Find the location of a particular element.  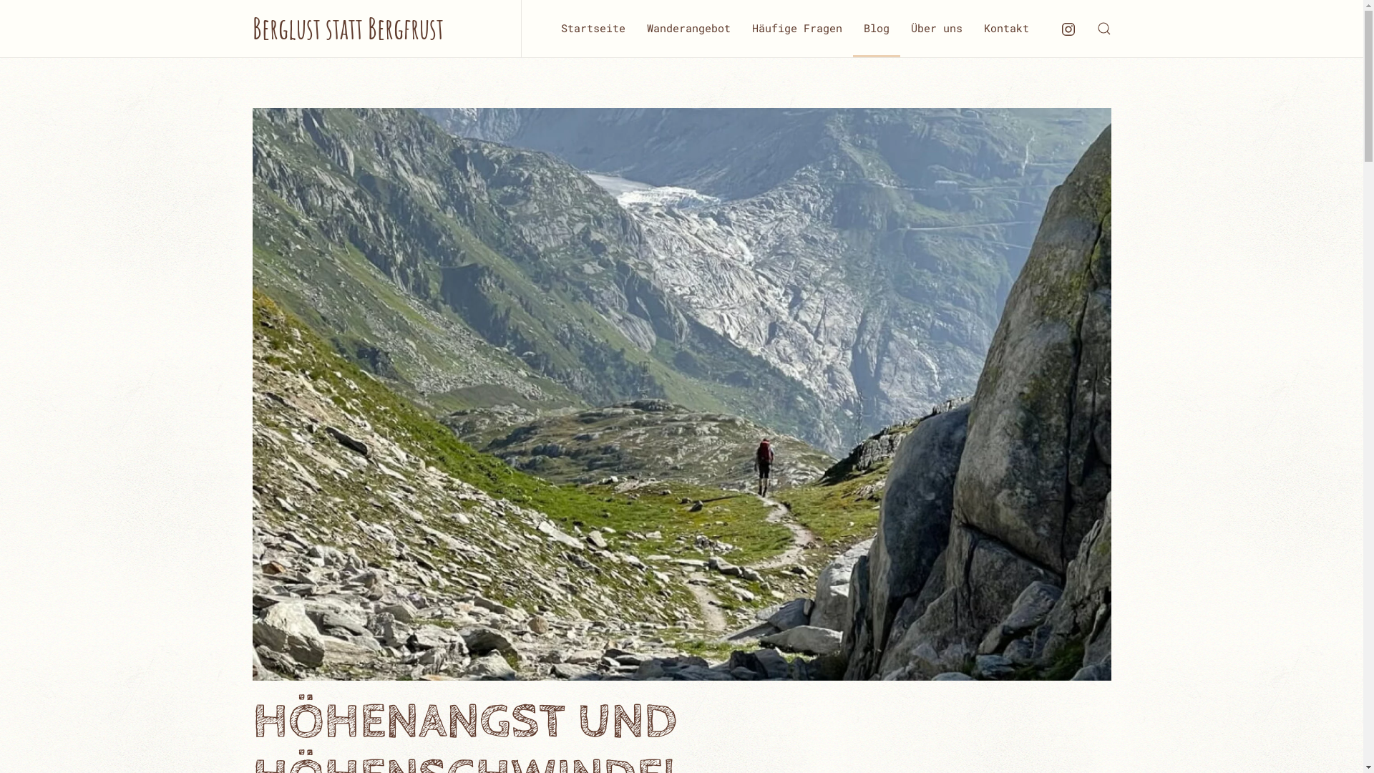

'Blog' is located at coordinates (875, 28).